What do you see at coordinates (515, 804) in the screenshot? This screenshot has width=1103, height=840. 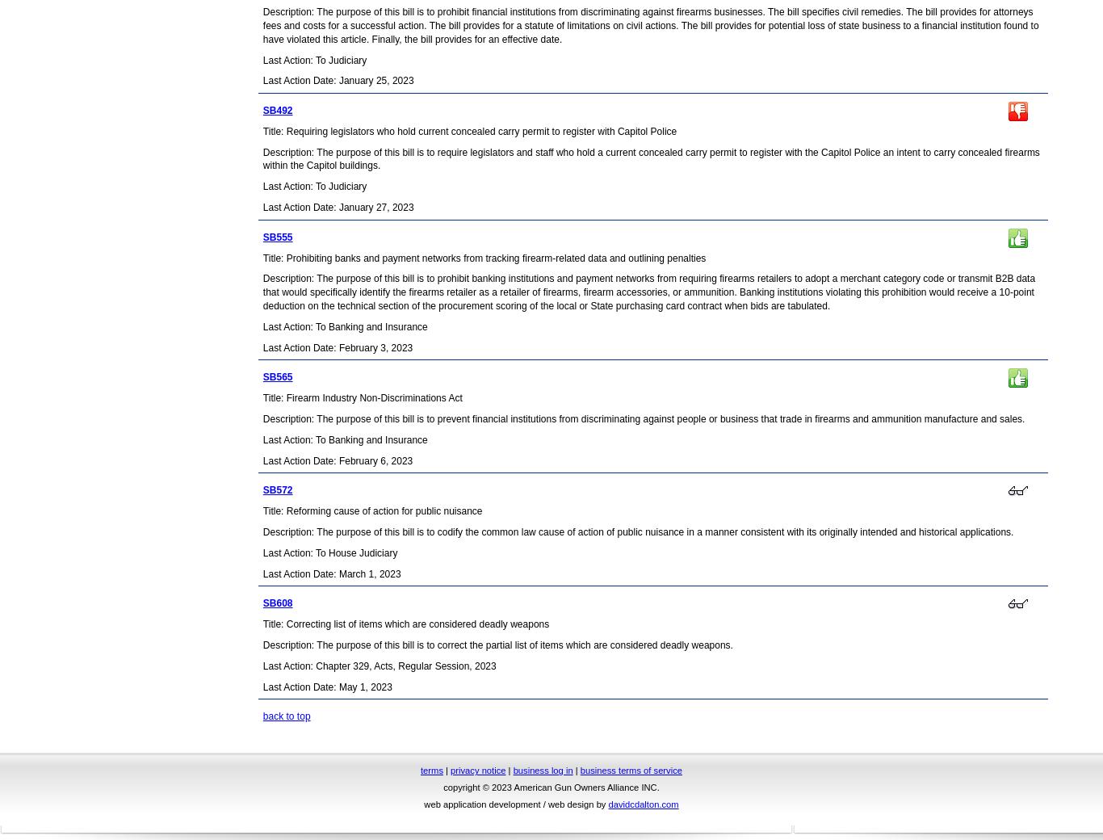 I see `'web application development / web design by'` at bounding box center [515, 804].